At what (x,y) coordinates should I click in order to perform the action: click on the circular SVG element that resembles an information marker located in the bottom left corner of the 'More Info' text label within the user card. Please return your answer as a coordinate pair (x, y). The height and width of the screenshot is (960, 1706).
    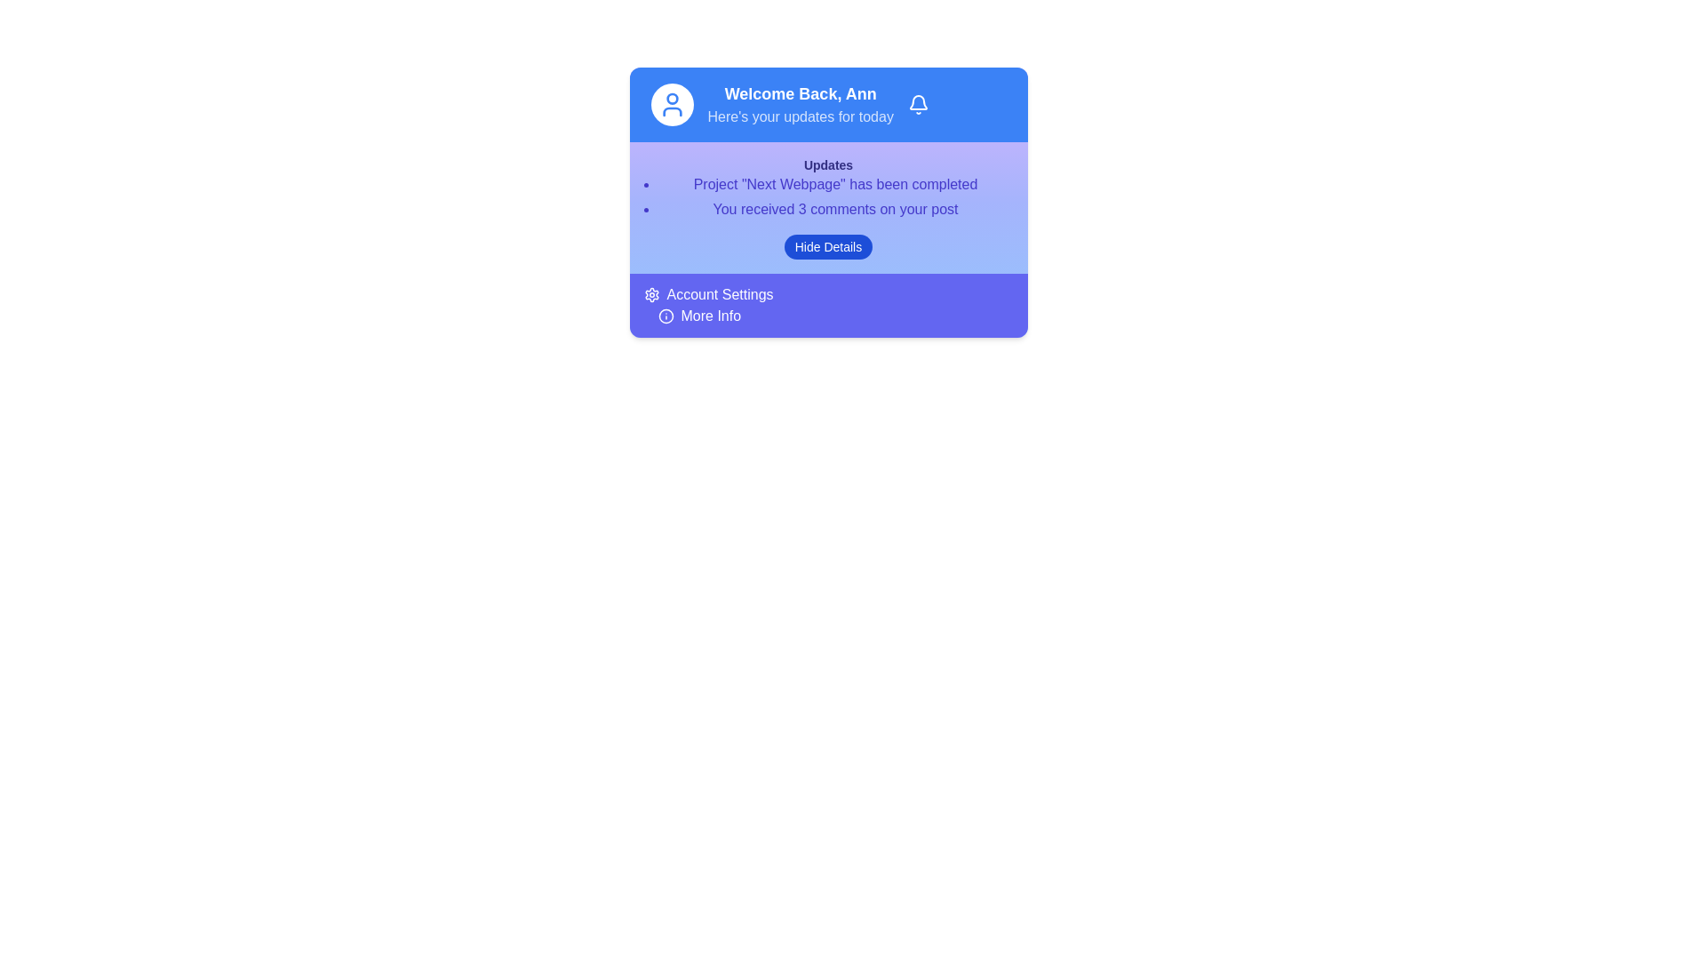
    Looking at the image, I should click on (665, 315).